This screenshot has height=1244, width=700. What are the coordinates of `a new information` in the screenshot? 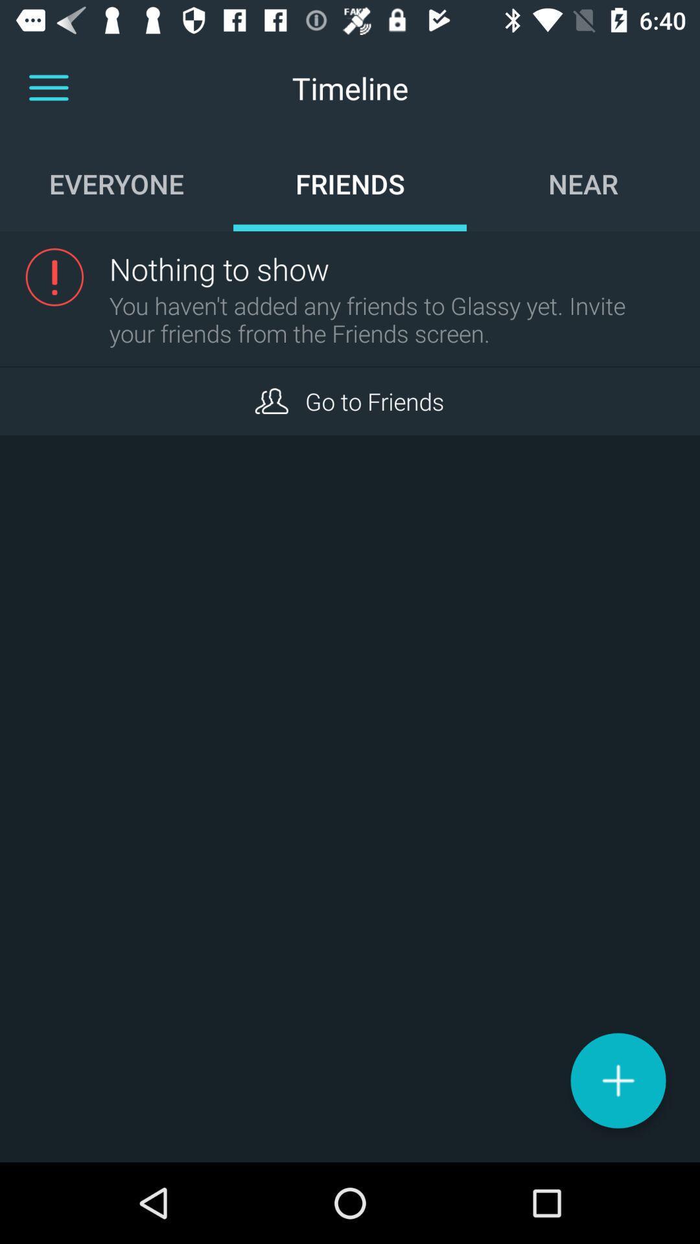 It's located at (617, 1080).